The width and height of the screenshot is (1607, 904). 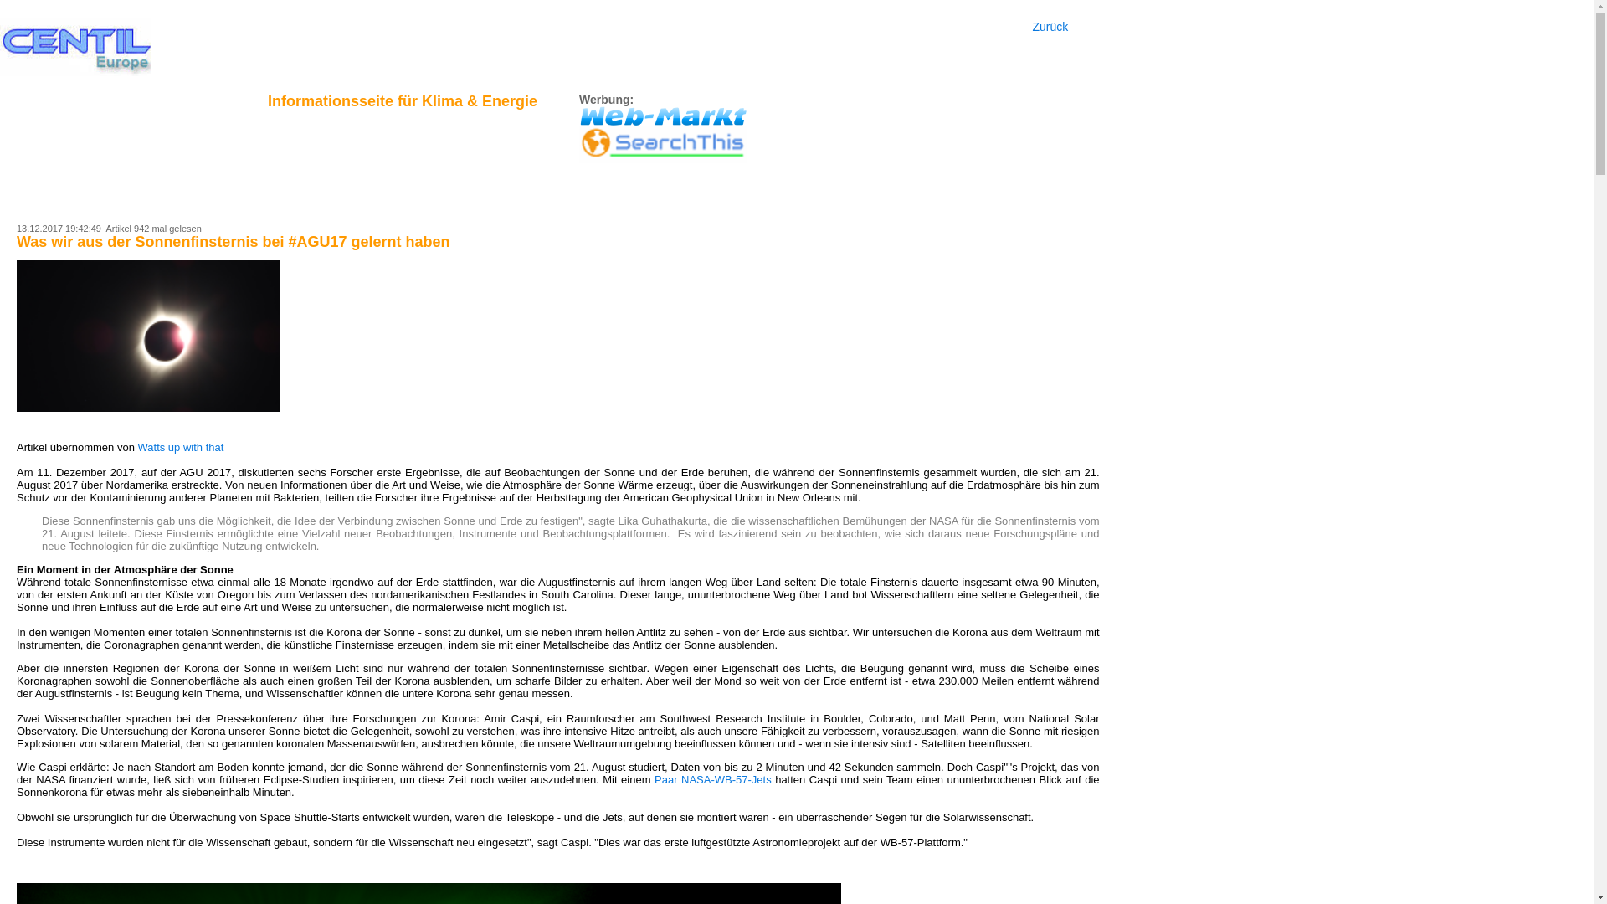 I want to click on 'Gratis inserieren bei Webmarkt', so click(x=662, y=115).